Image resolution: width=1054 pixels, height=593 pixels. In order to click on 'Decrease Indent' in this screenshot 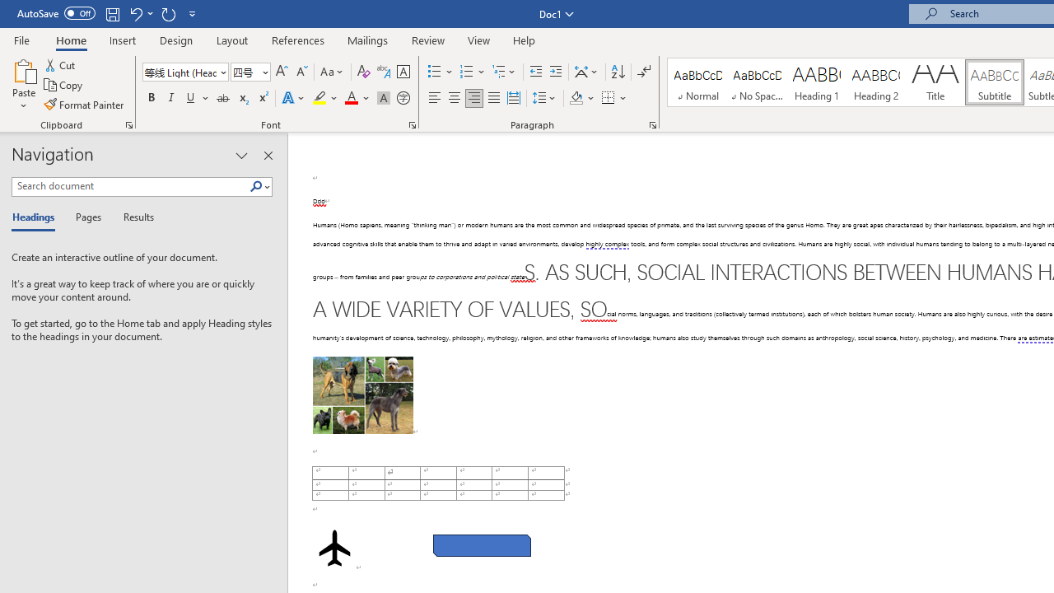, I will do `click(535, 71)`.